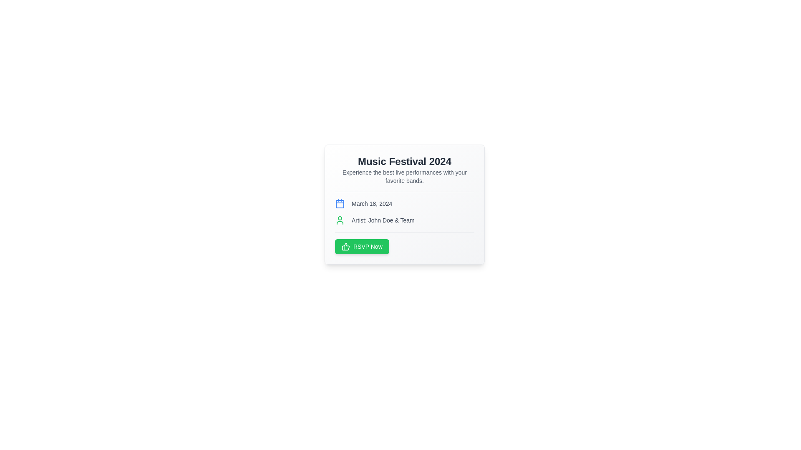 The image size is (801, 450). I want to click on the green rectangular button labeled 'RSVP Now' with a thumbs-up icon to RSVP for the Music Festival 2024, so click(362, 246).